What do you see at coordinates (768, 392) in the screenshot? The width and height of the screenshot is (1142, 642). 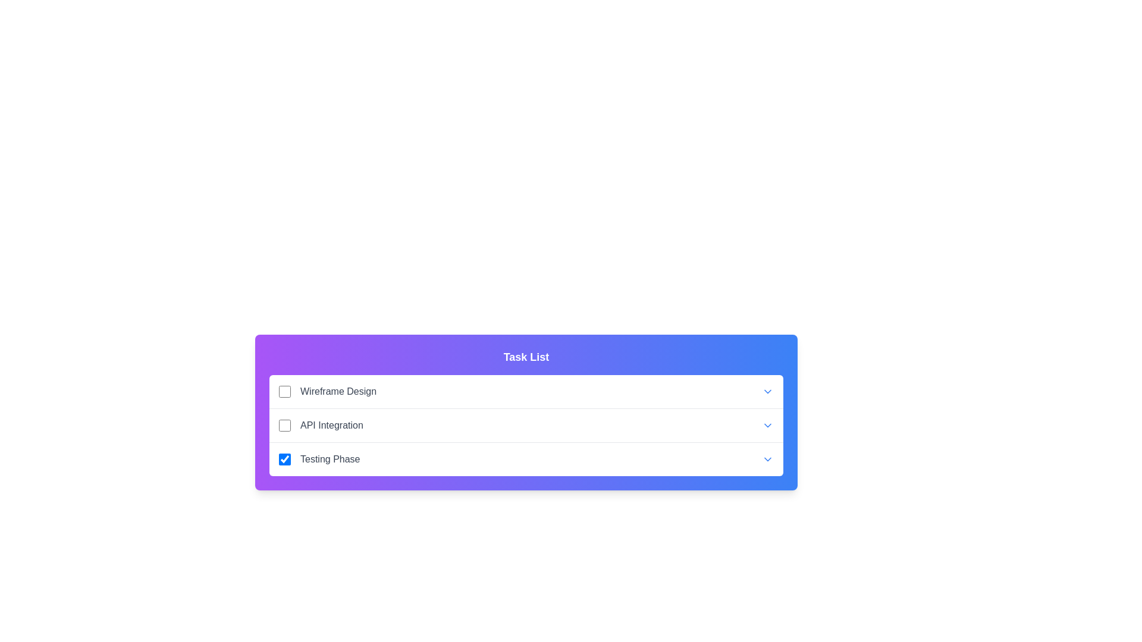 I see `the dropdown button to expand or collapse the task details` at bounding box center [768, 392].